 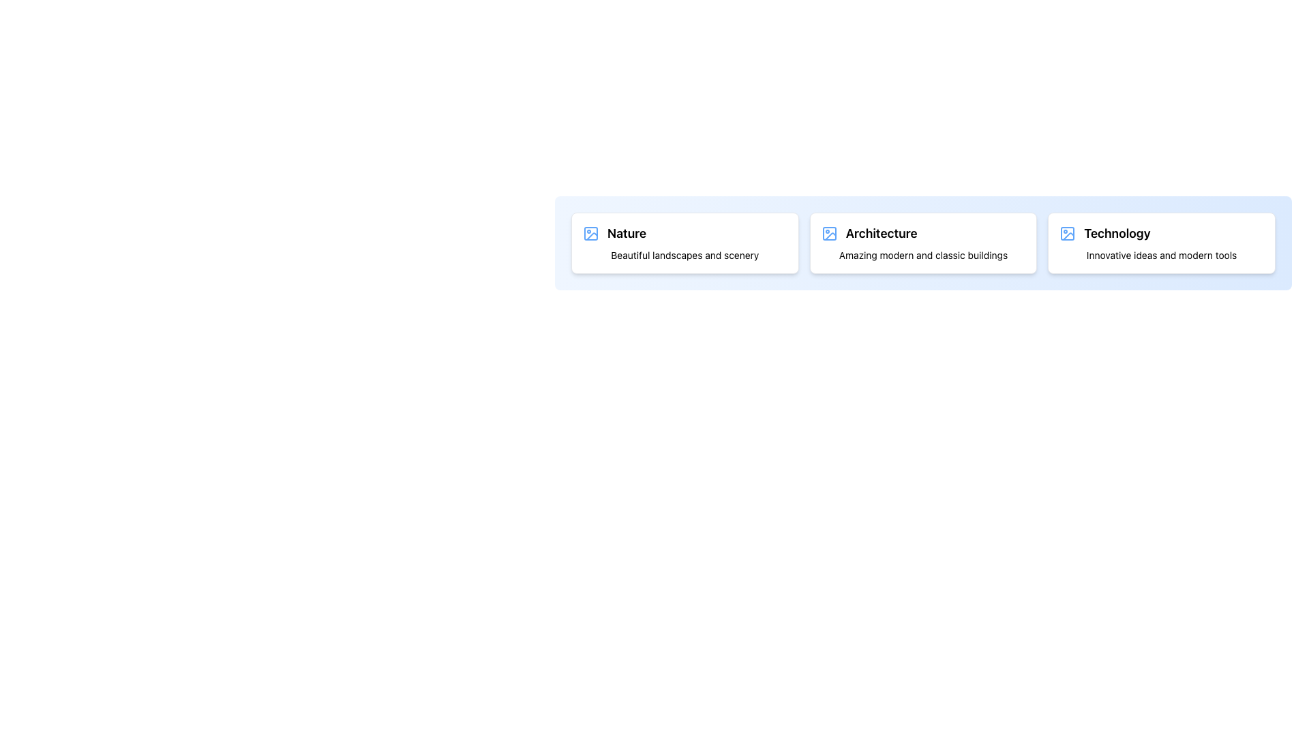 What do you see at coordinates (1067, 233) in the screenshot?
I see `the blue photo frame icon located to the left of the 'Technology' label within the 'Technology' card` at bounding box center [1067, 233].